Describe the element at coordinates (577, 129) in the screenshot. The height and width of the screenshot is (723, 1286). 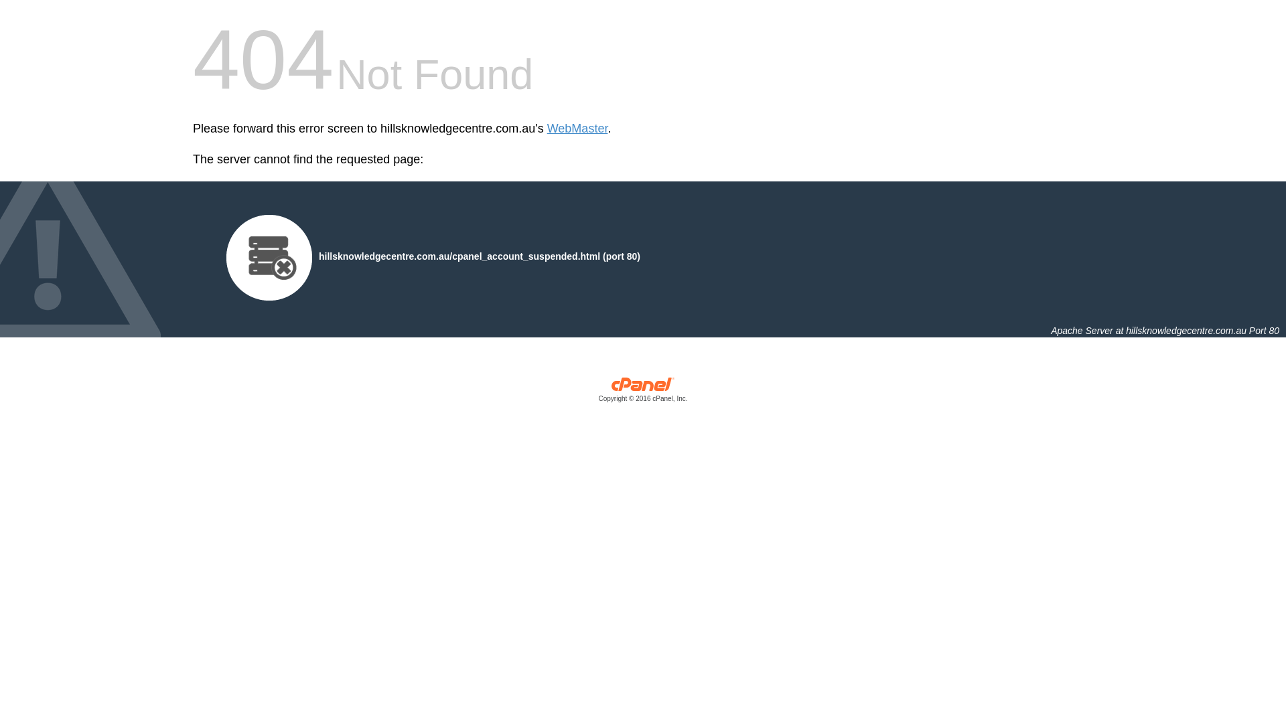
I see `'WebMaster'` at that location.